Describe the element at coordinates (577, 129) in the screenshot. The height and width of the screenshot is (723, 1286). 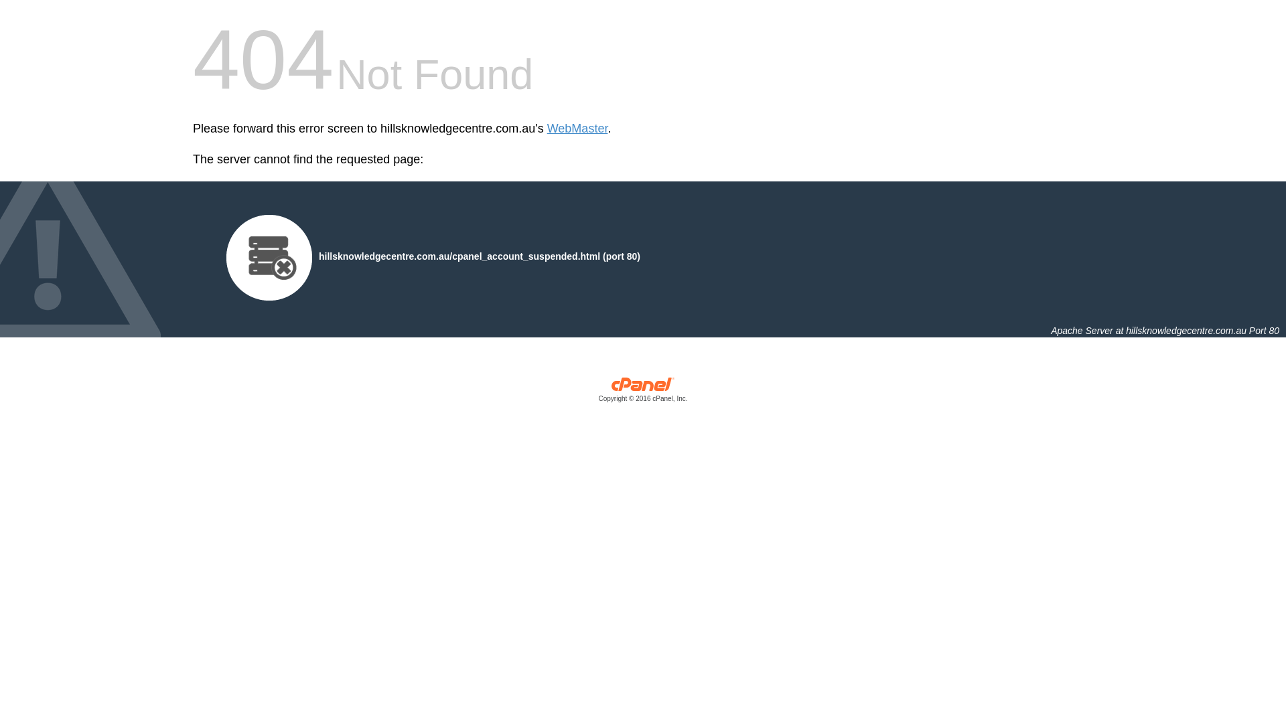
I see `'WebMaster'` at that location.